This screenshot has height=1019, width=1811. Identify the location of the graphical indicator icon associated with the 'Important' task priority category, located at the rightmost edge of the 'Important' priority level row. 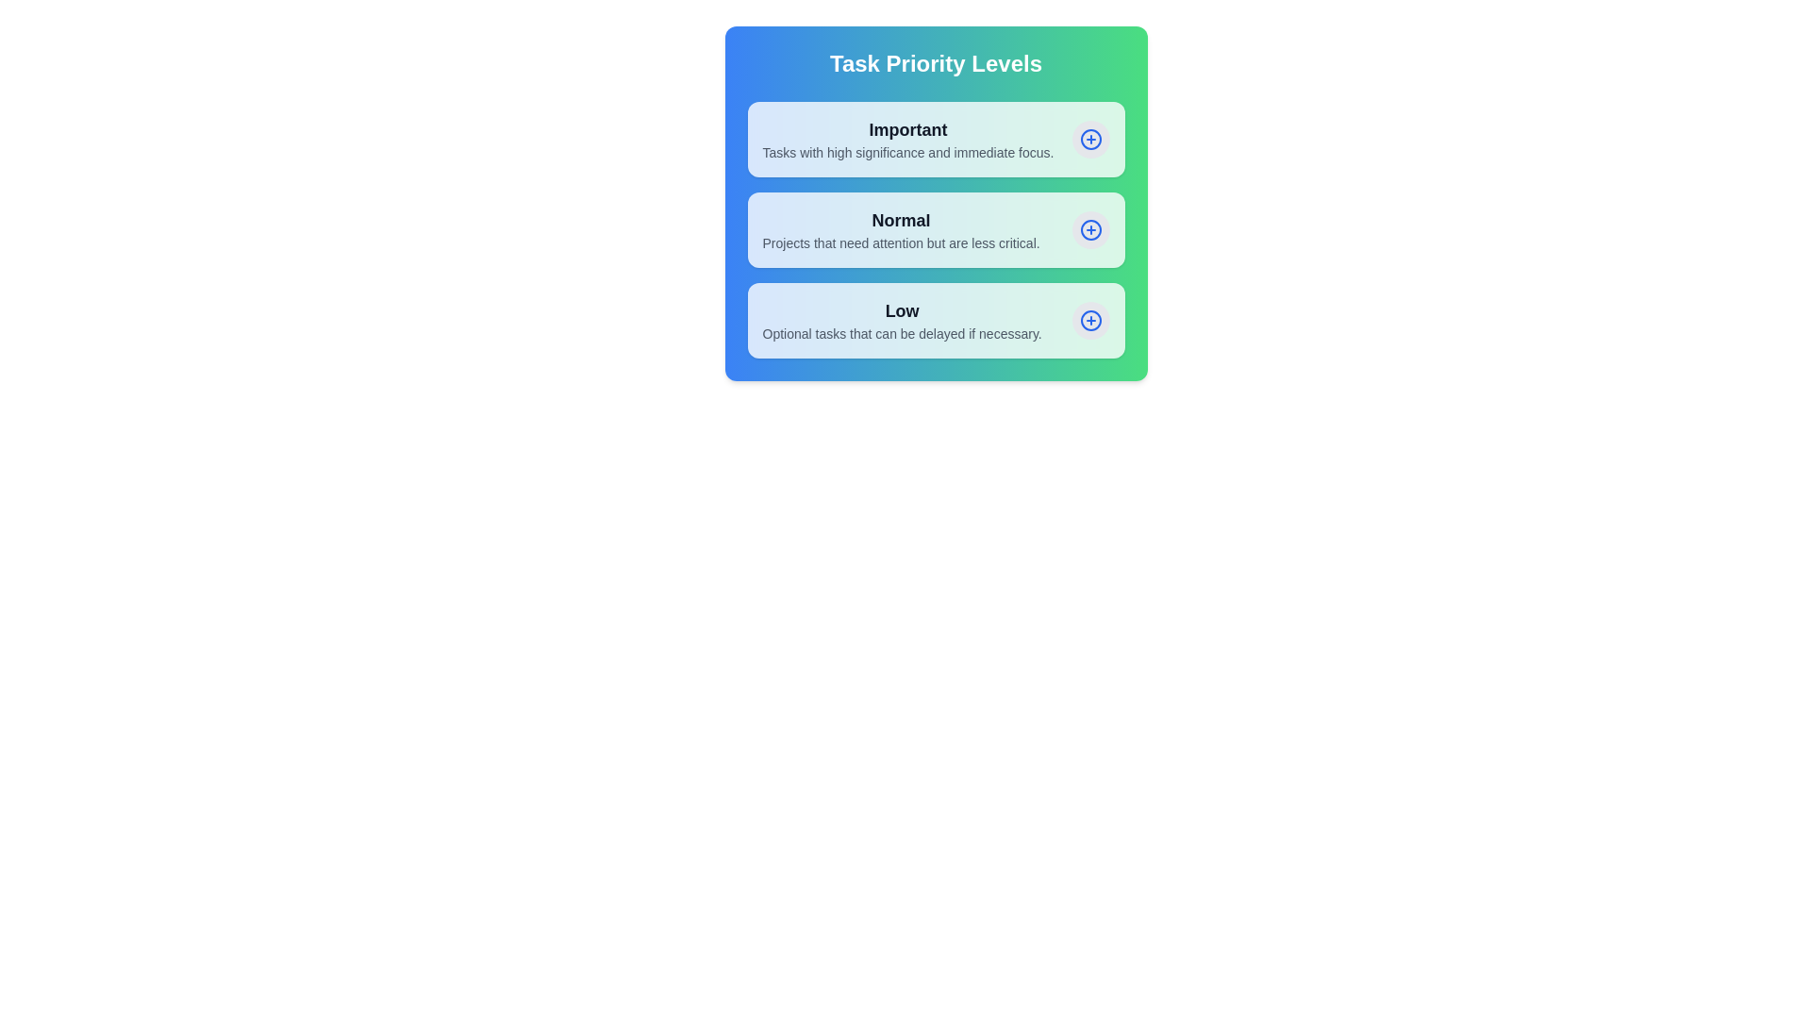
(1090, 138).